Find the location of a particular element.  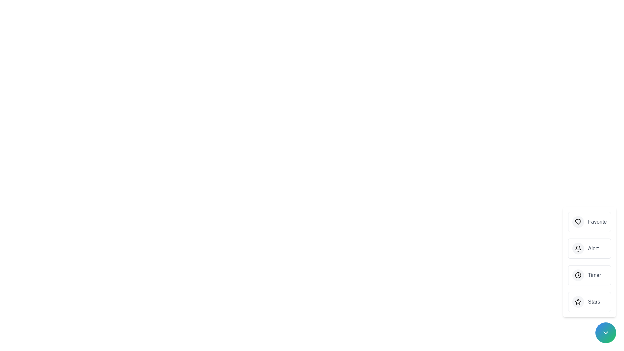

'Timer' button to trigger its action is located at coordinates (590, 275).